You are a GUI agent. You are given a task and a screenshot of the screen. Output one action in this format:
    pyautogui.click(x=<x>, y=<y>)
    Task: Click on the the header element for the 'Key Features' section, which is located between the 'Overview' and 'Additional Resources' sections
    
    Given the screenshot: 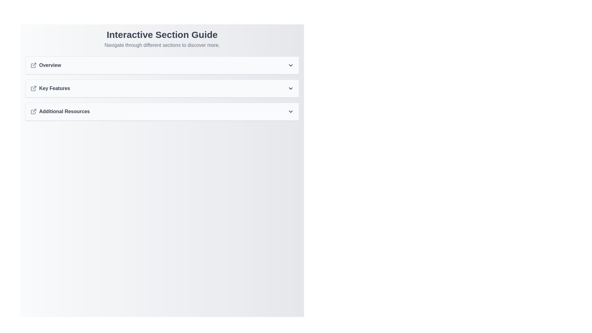 What is the action you would take?
    pyautogui.click(x=50, y=88)
    